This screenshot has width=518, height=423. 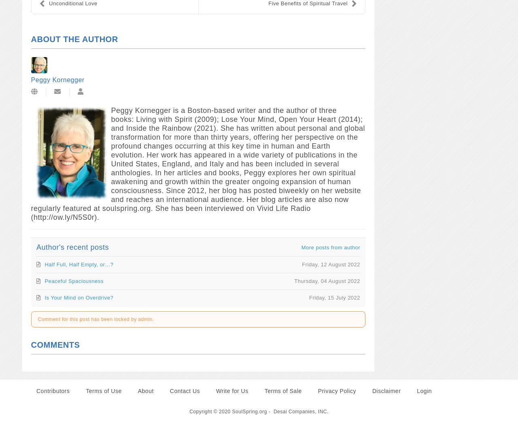 I want to click on 'About the author', so click(x=74, y=39).